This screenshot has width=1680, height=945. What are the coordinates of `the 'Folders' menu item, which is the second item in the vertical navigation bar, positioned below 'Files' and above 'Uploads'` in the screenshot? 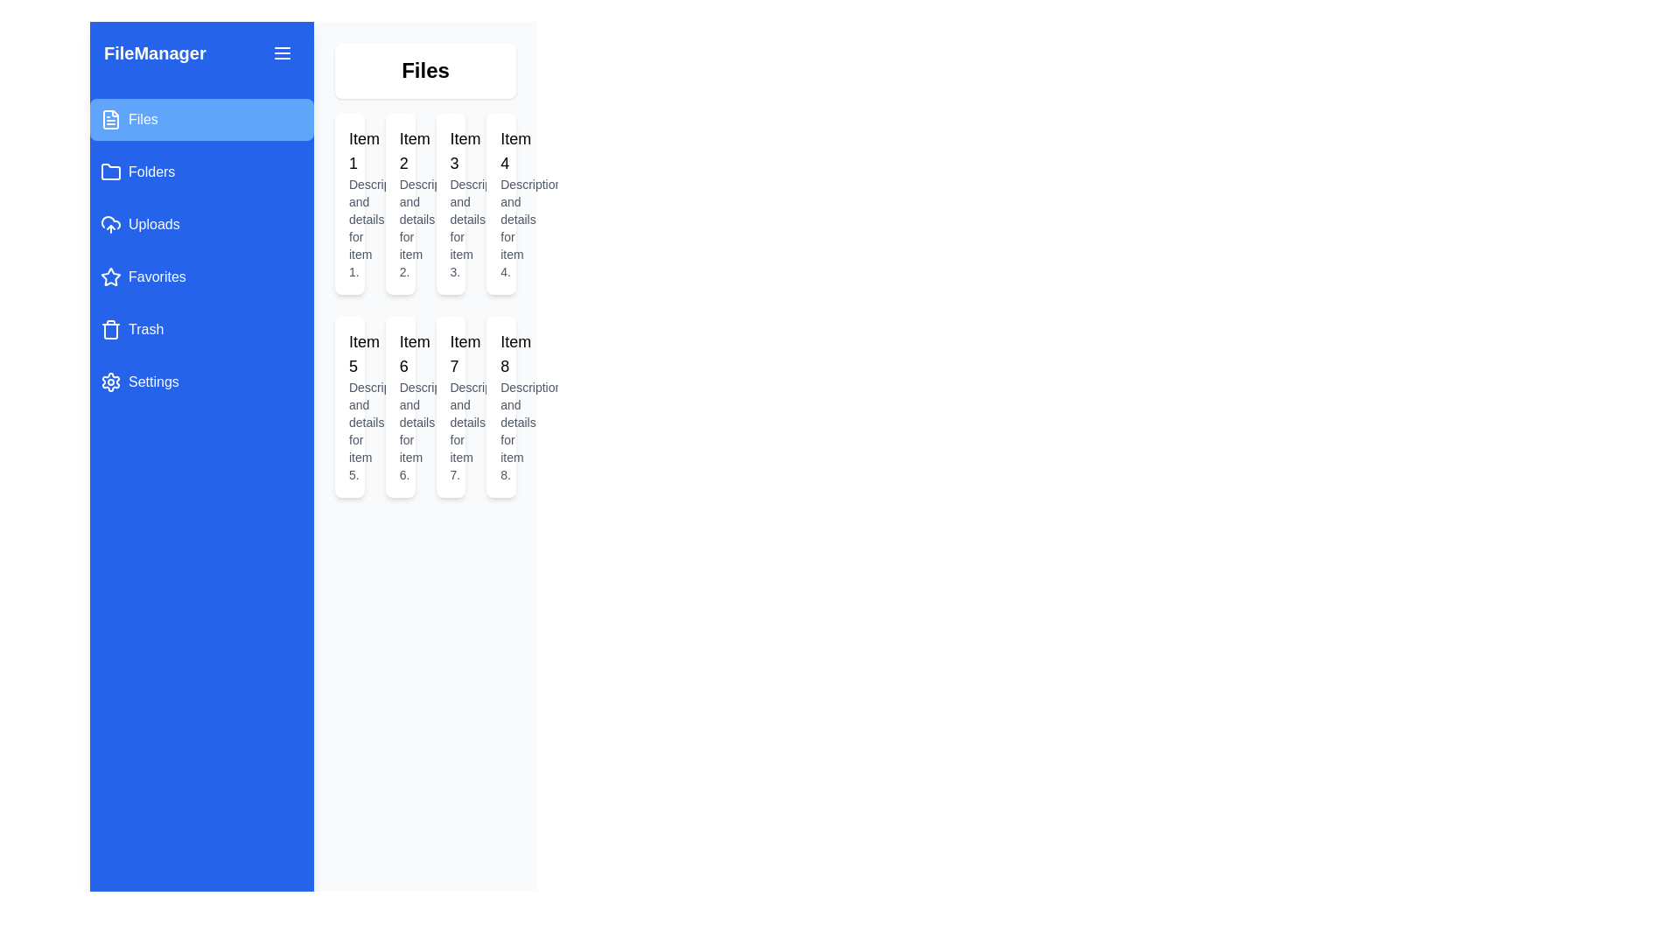 It's located at (151, 171).